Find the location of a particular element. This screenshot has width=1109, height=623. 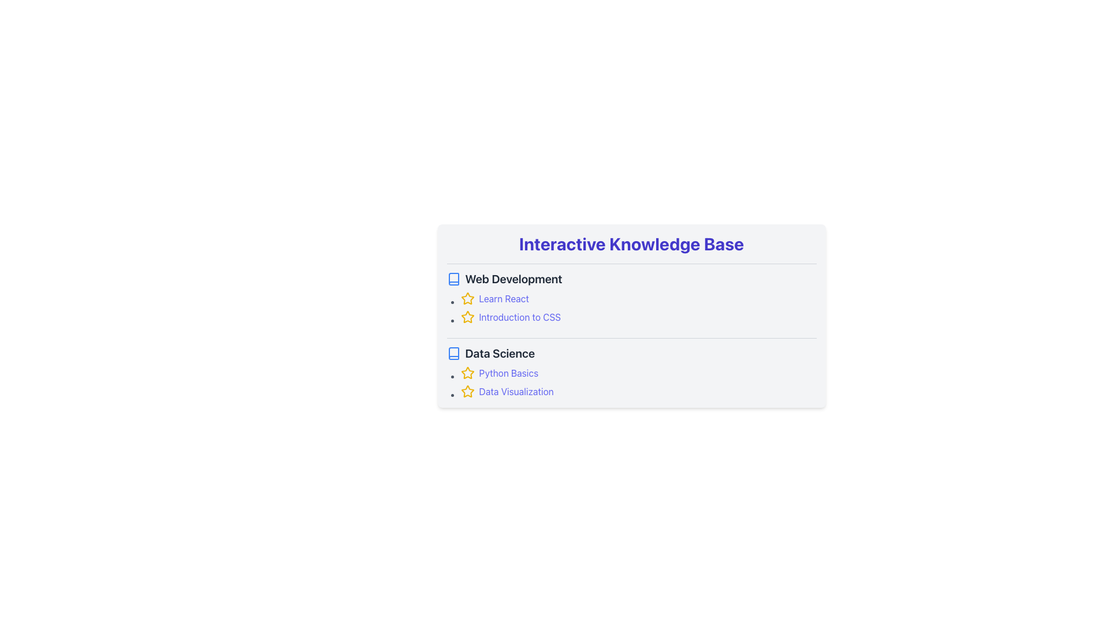

the yellow star-shaped icon located to the left of the 'Data Visualization' text link is located at coordinates (467, 391).